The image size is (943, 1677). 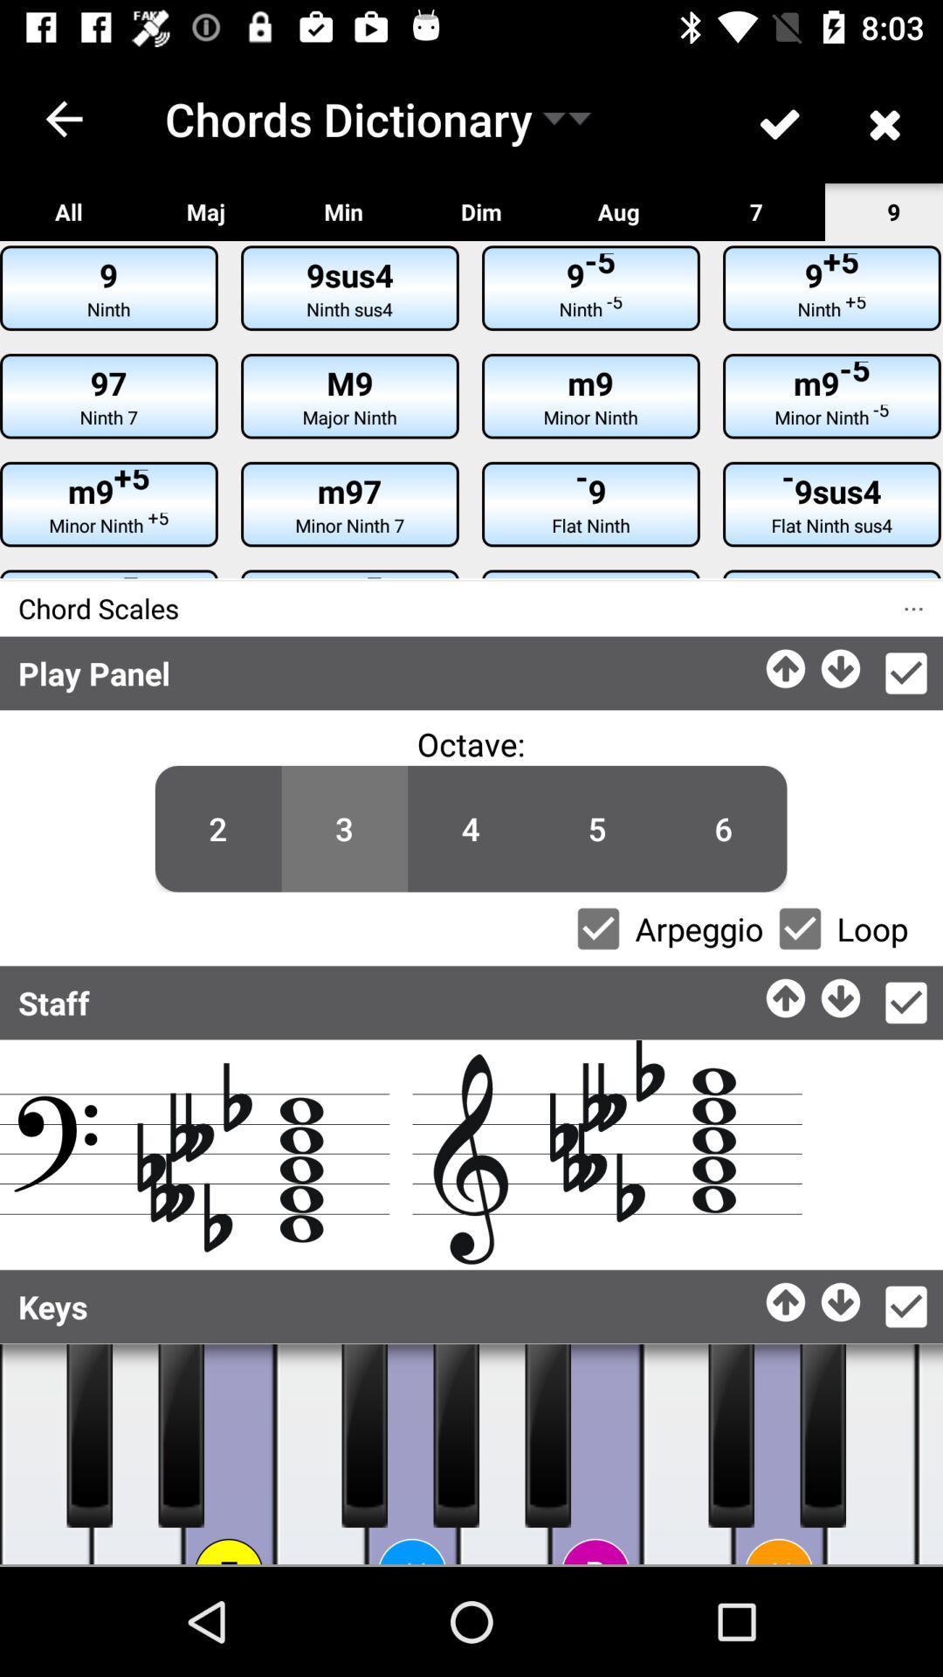 What do you see at coordinates (504, 1454) in the screenshot?
I see `this music key button` at bounding box center [504, 1454].